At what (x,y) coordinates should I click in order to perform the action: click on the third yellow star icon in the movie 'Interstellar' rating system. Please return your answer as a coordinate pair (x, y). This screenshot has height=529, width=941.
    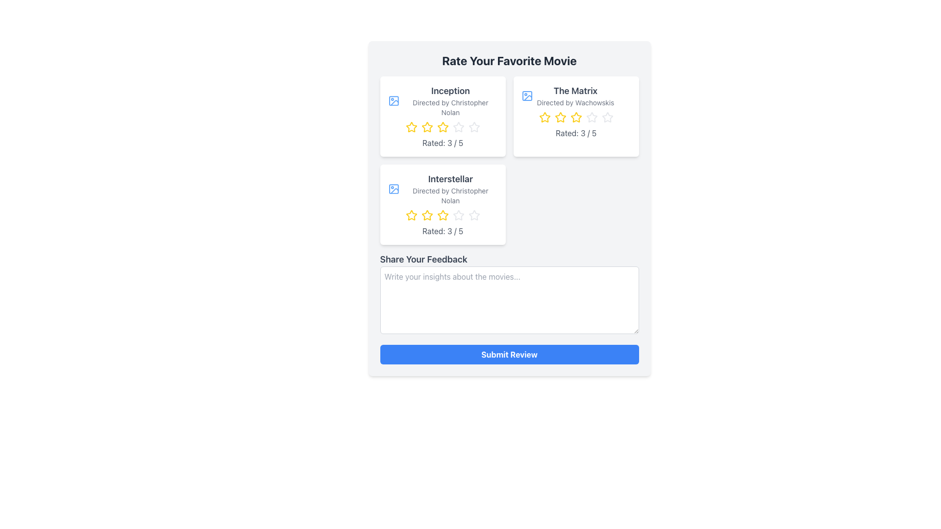
    Looking at the image, I should click on (427, 215).